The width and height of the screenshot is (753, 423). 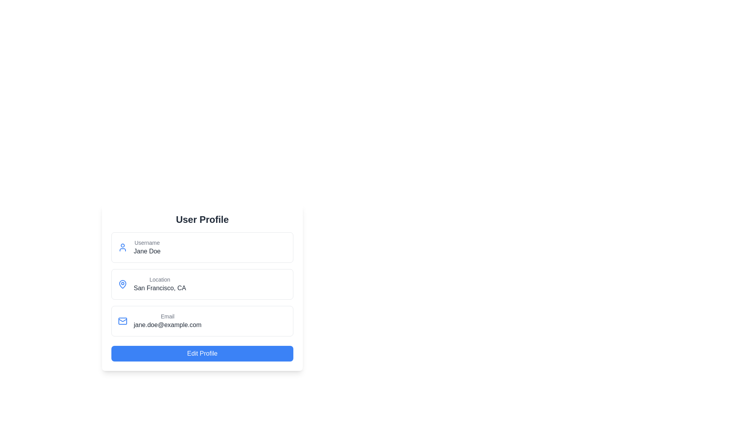 I want to click on the text label indicating the email address in the 'User Profile' card, which is positioned directly above 'jane.doe@example.com', so click(x=167, y=316).